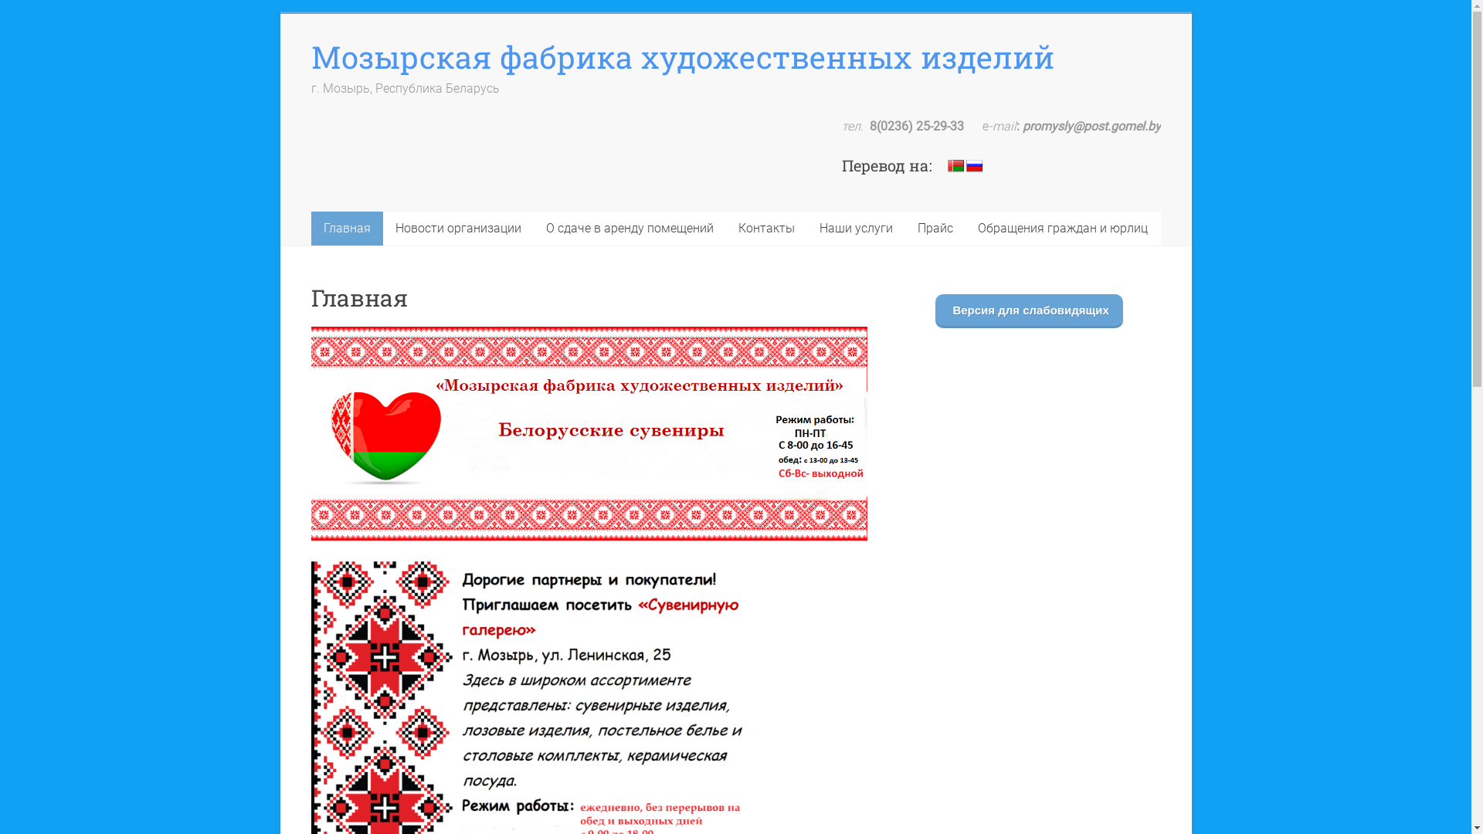 This screenshot has width=1483, height=834. I want to click on 'Russian', so click(965, 166).